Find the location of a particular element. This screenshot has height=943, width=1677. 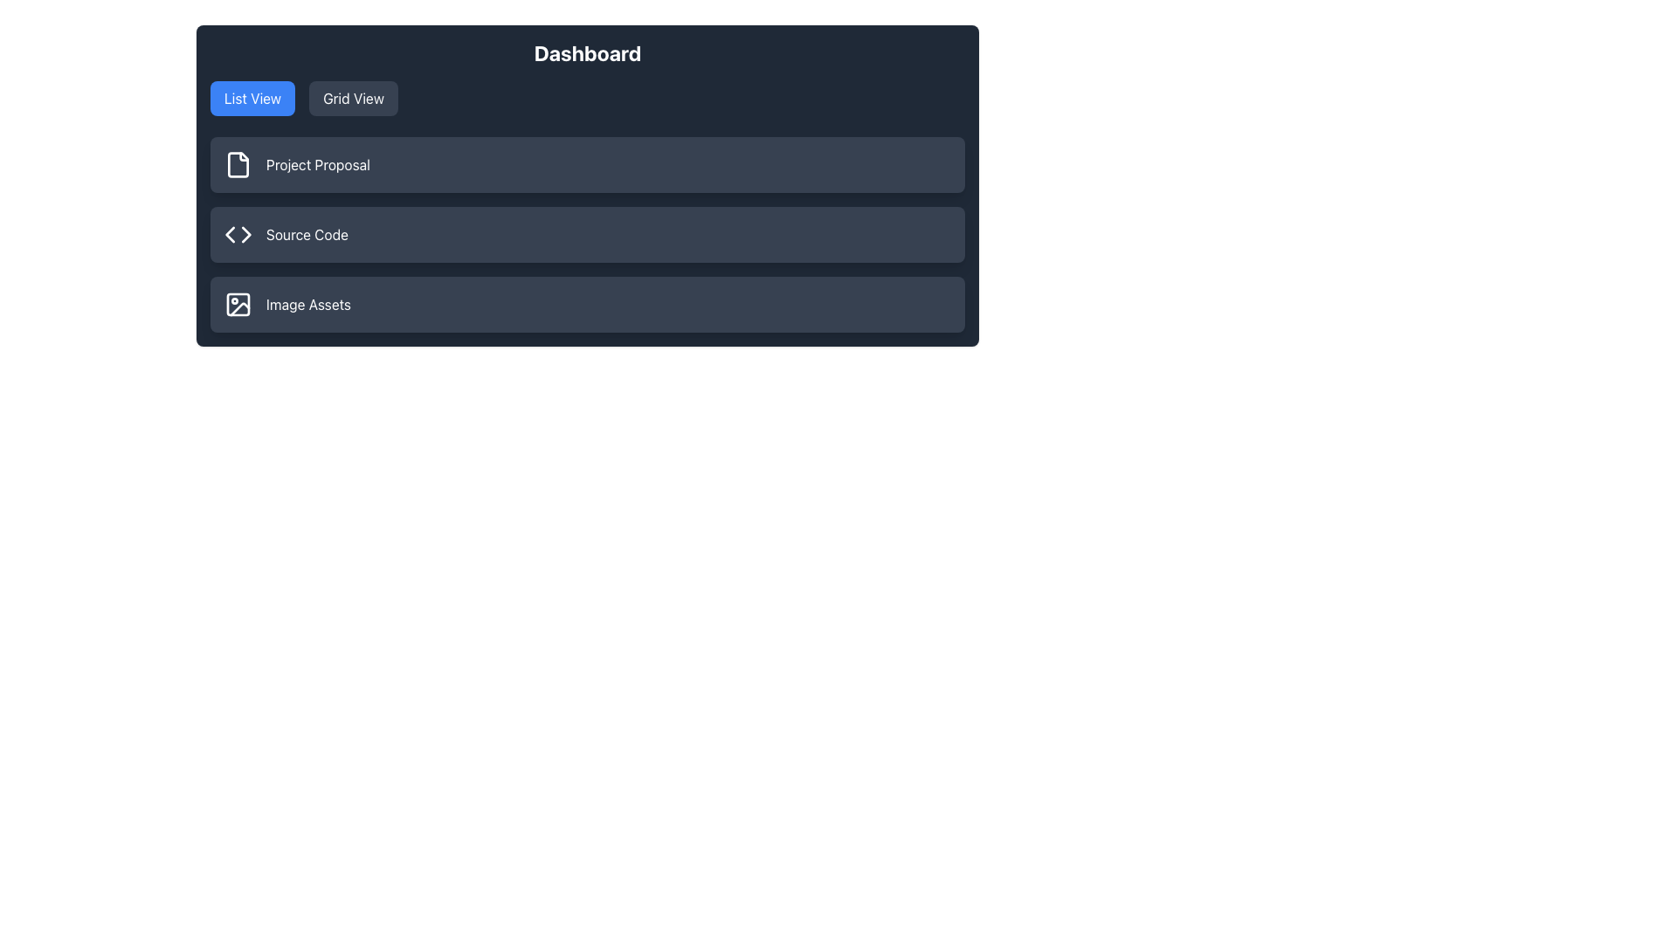

the 'Grid View' button, which is a rectangular button with rounded corners, dark gray background, and white text, located to the right of the 'List View' button is located at coordinates (352, 98).